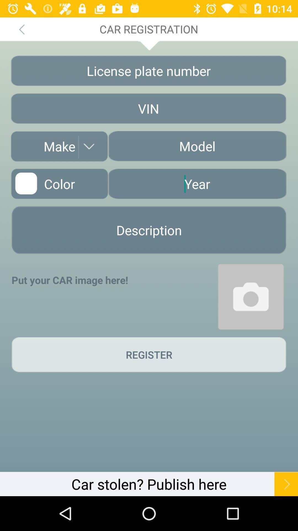  I want to click on previous, so click(21, 29).